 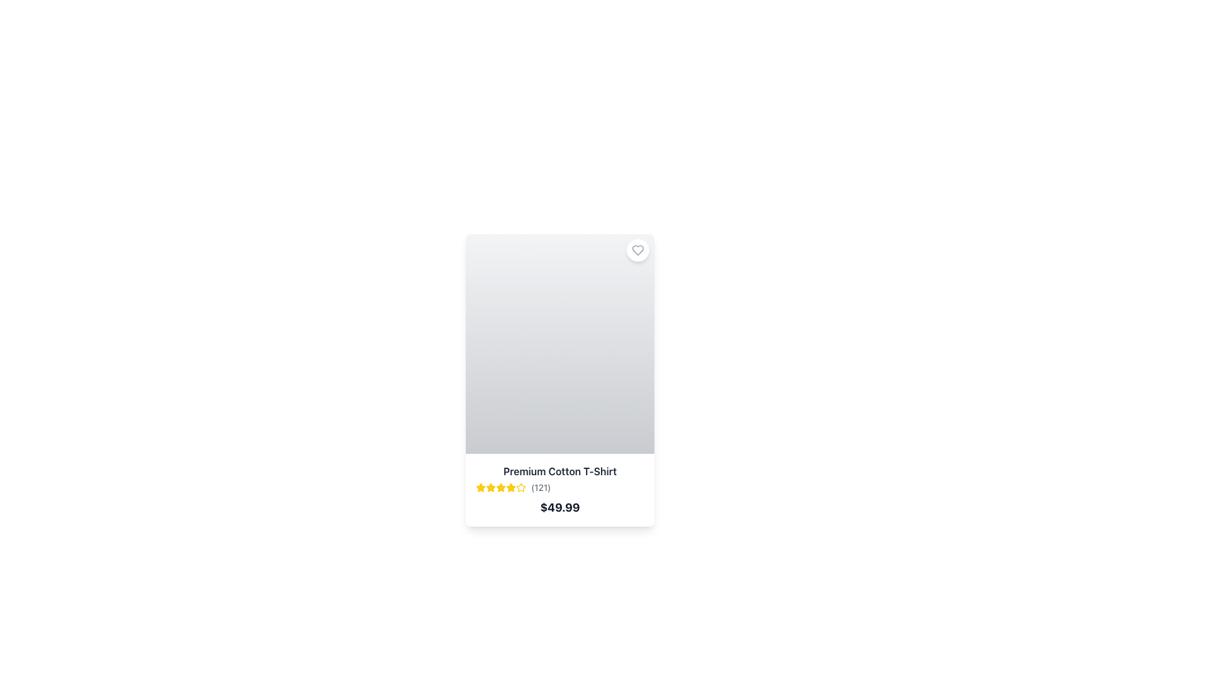 What do you see at coordinates (637, 250) in the screenshot?
I see `the small circular icon with a heart-shaped outline located at the top-right corner of the product display card` at bounding box center [637, 250].